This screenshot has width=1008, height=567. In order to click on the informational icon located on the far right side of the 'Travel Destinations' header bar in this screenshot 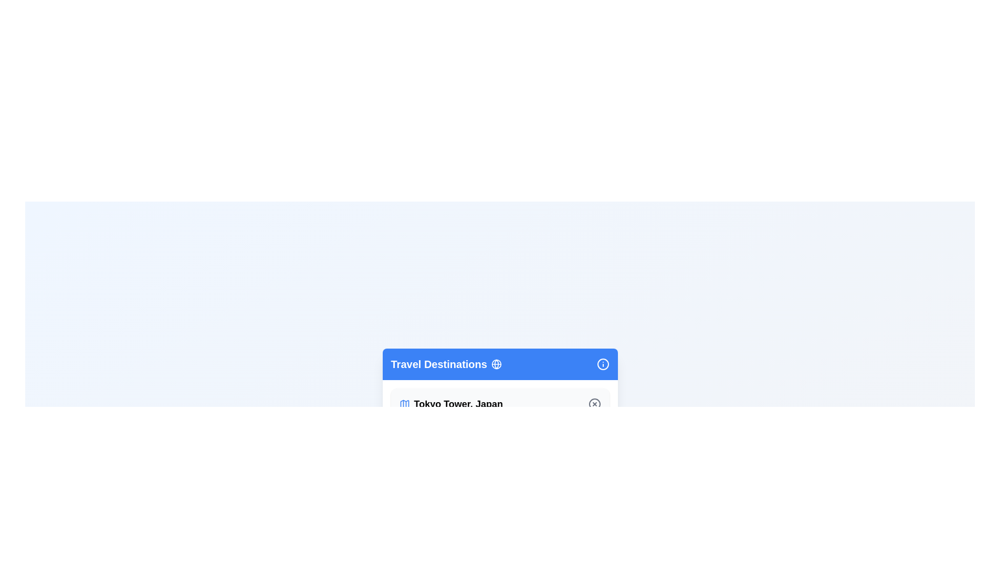, I will do `click(603, 364)`.